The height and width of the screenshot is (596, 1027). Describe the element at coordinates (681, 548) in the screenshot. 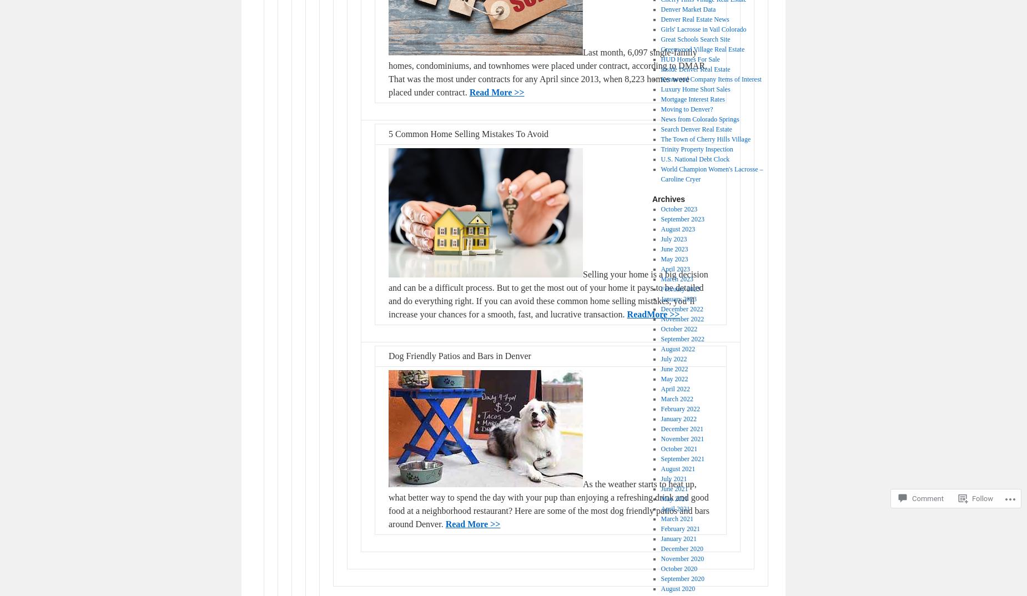

I see `'December 2020'` at that location.